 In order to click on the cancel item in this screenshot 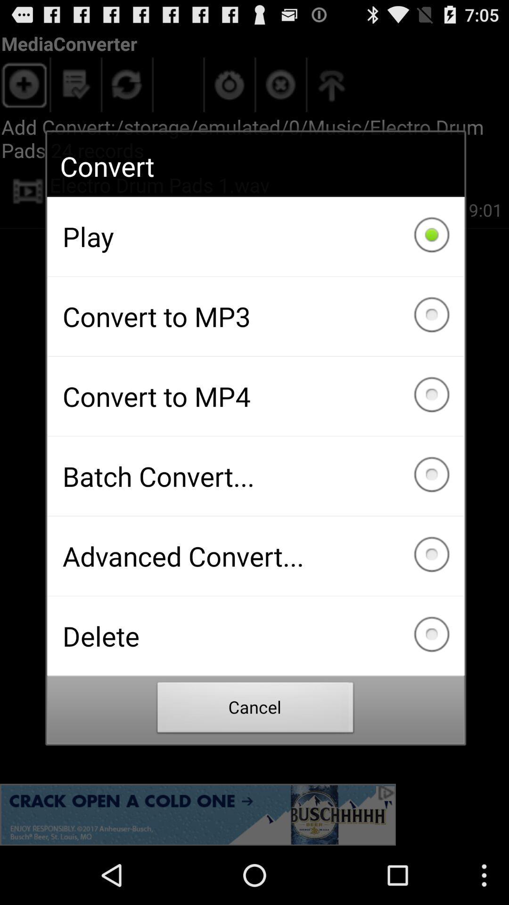, I will do `click(255, 710)`.